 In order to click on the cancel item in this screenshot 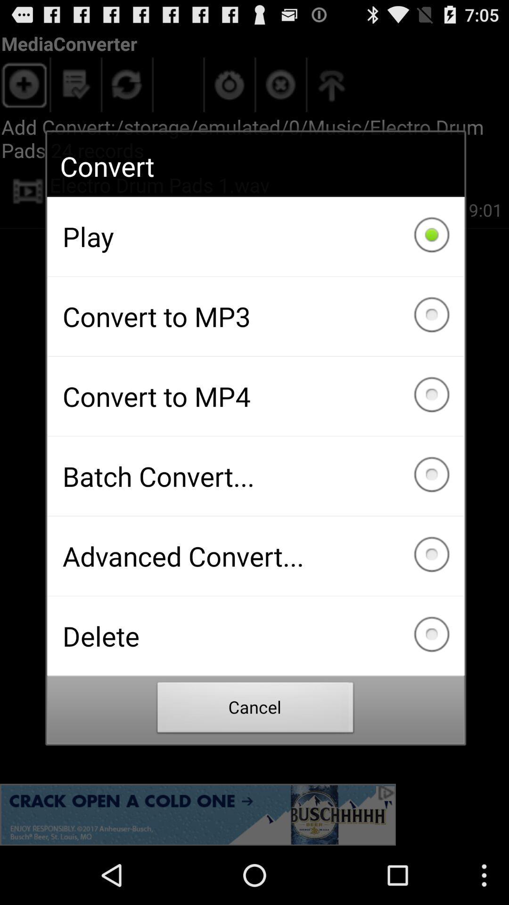, I will do `click(255, 710)`.